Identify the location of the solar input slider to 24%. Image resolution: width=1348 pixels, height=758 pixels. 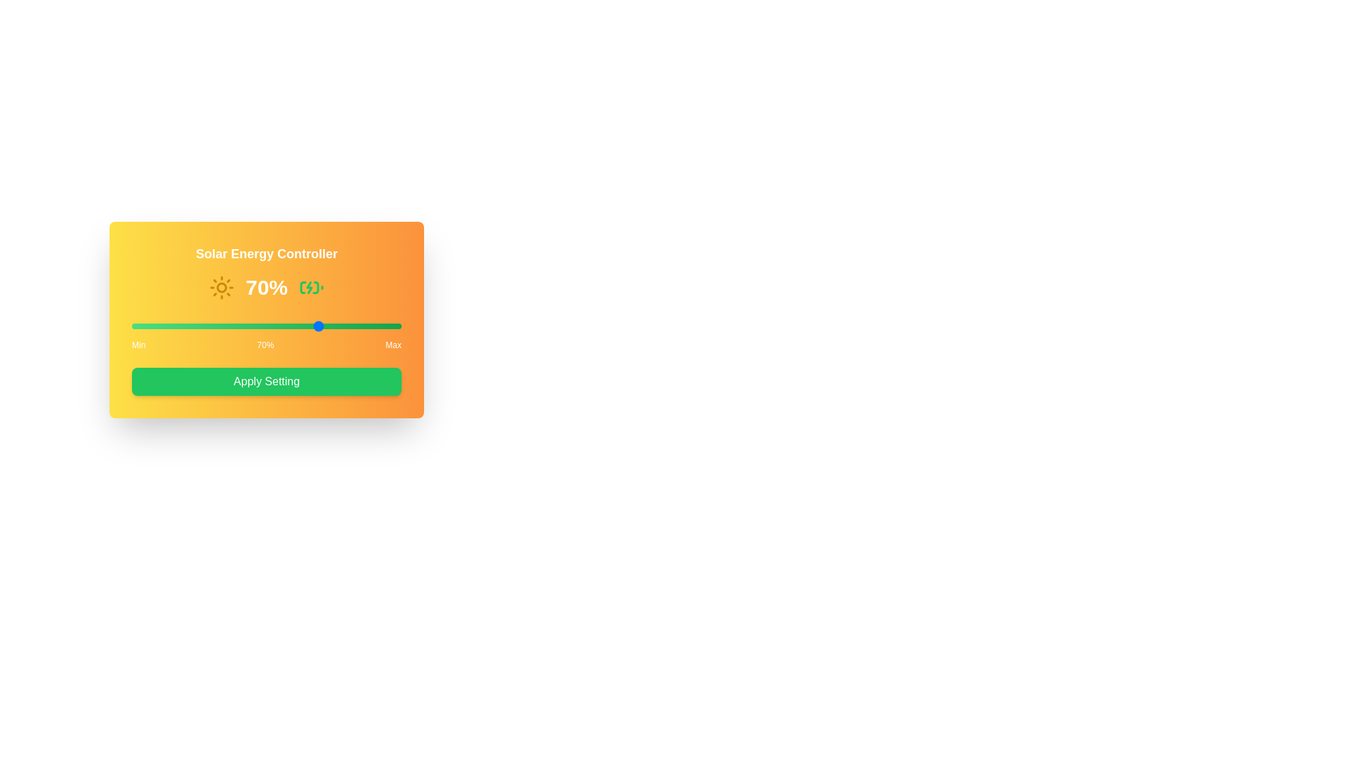
(196, 326).